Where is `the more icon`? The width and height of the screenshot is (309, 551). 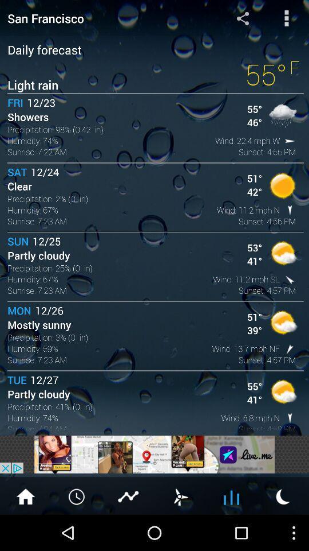 the more icon is located at coordinates (286, 19).